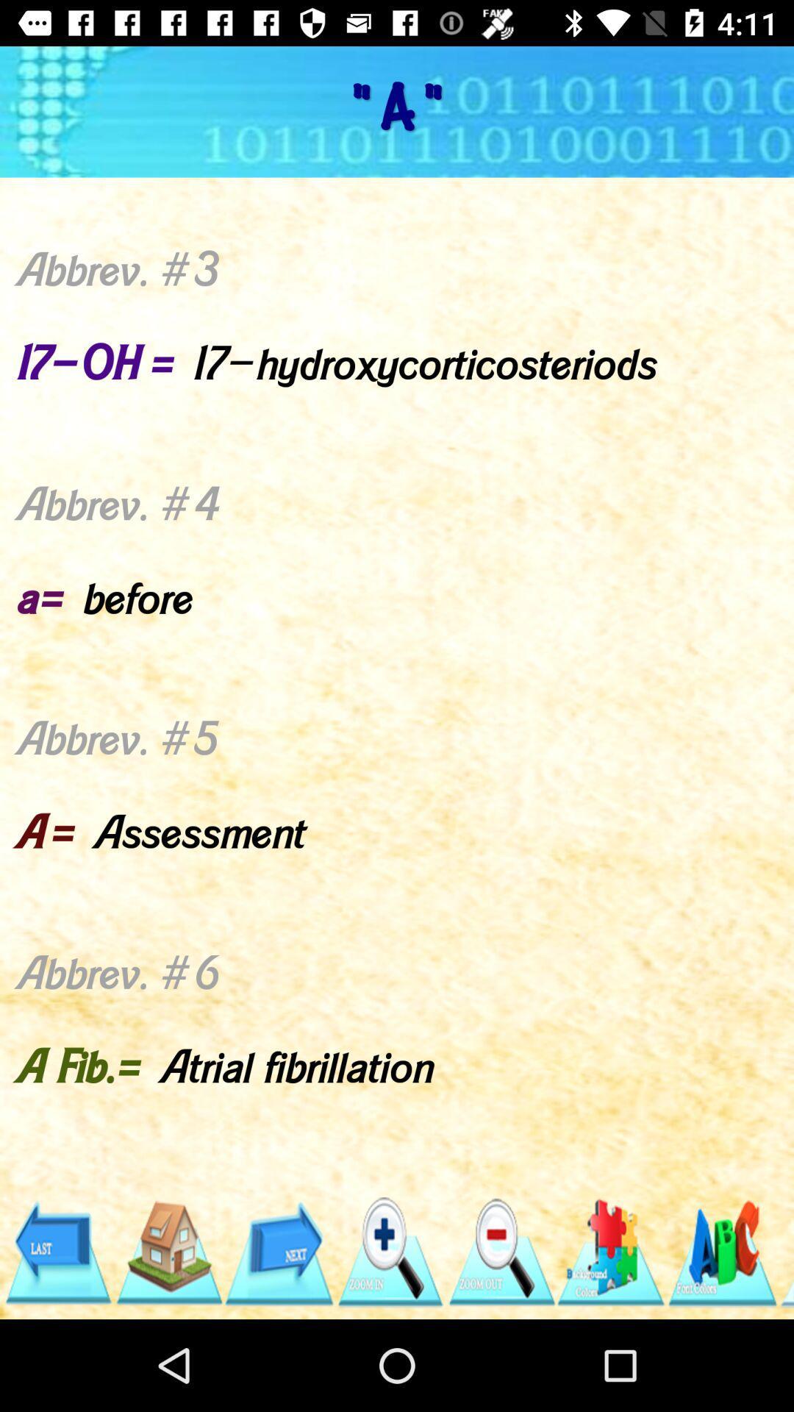 This screenshot has height=1412, width=794. Describe the element at coordinates (721, 1252) in the screenshot. I see `abc tab` at that location.